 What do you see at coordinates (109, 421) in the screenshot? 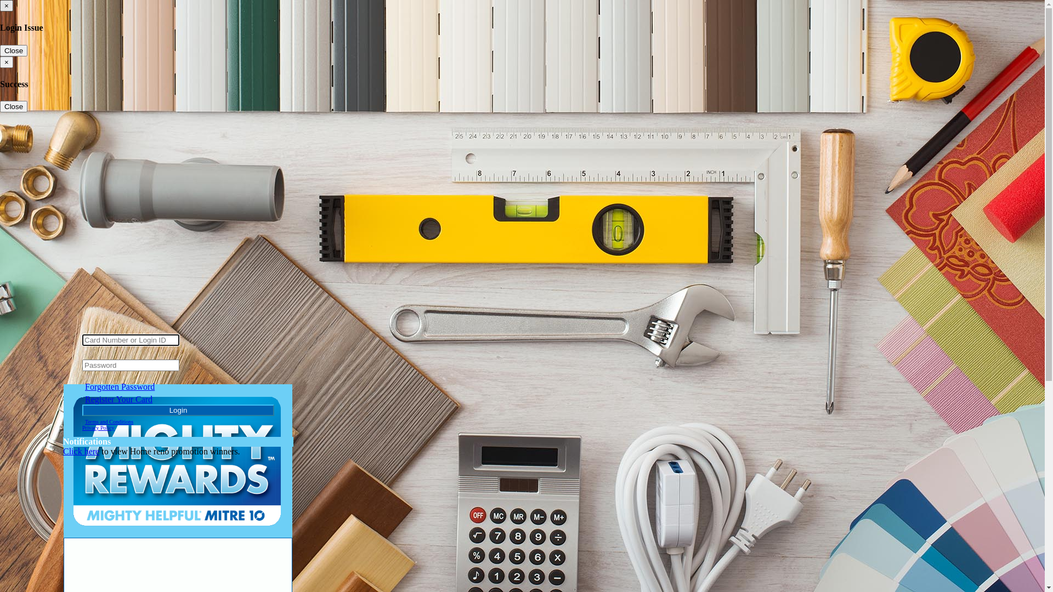
I see `'Terms and Conditions'` at bounding box center [109, 421].